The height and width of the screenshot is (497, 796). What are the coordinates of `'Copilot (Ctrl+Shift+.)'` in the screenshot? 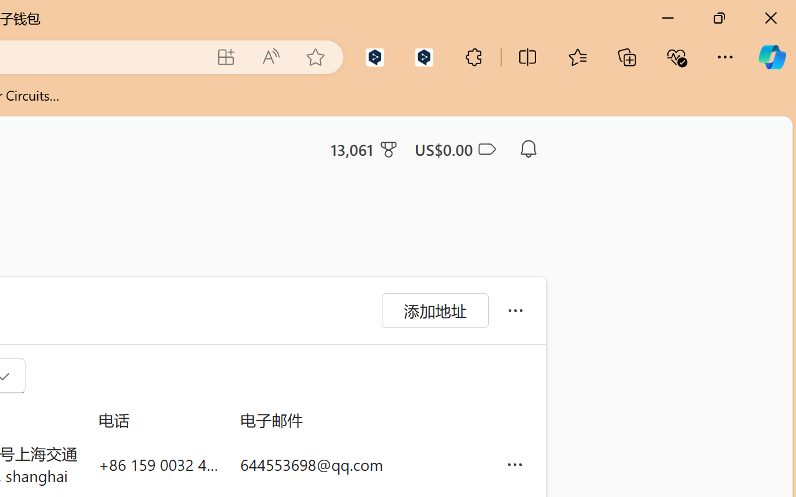 It's located at (771, 57).